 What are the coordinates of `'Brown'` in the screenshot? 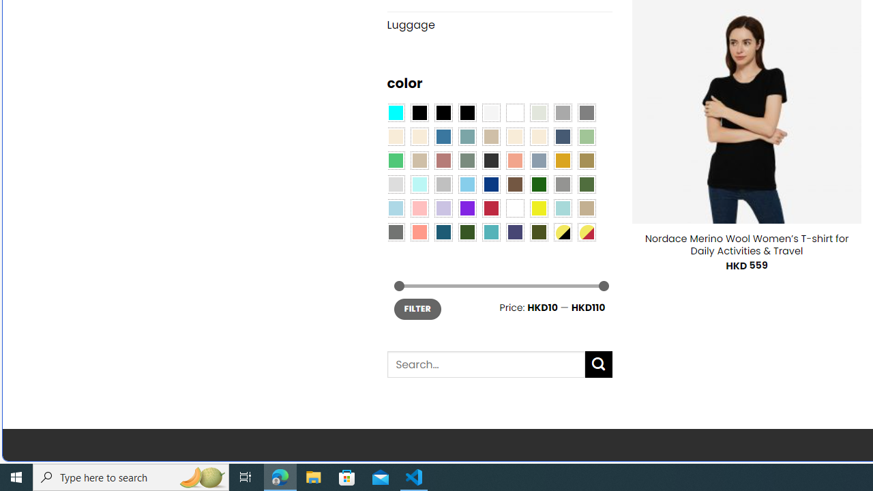 It's located at (514, 184).